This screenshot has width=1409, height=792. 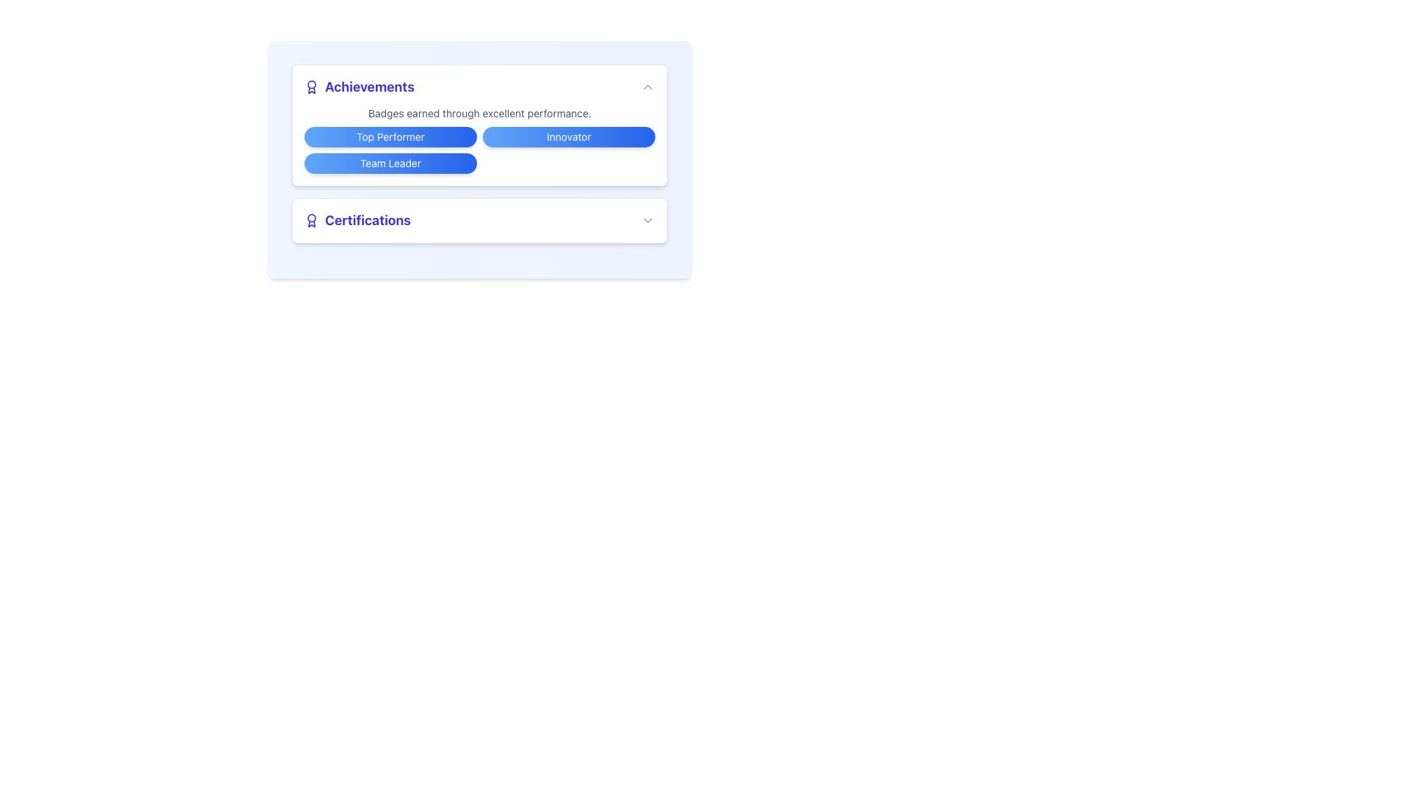 What do you see at coordinates (647, 220) in the screenshot?
I see `the IconButton (Chevron Down) located at the far right of the 'Certifications' section` at bounding box center [647, 220].